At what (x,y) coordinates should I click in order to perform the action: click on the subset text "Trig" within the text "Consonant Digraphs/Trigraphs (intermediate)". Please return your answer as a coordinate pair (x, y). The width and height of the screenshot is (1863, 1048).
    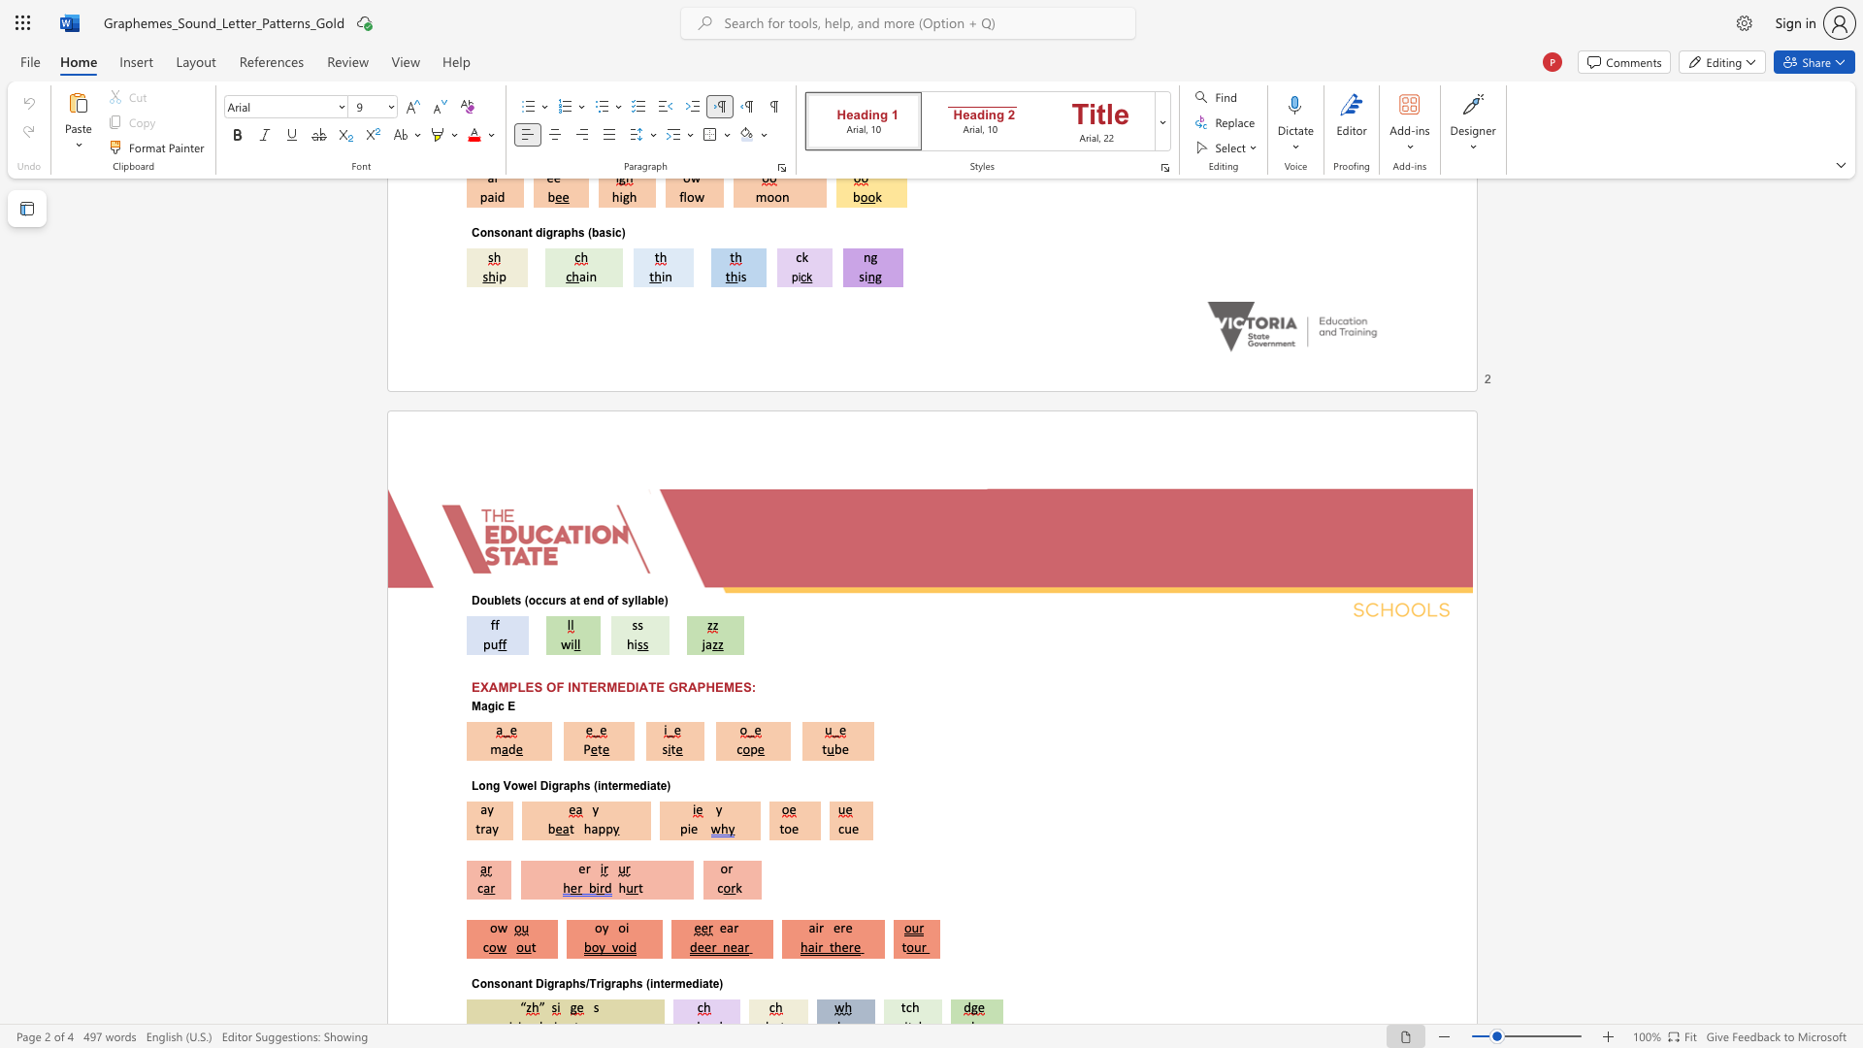
    Looking at the image, I should click on (588, 983).